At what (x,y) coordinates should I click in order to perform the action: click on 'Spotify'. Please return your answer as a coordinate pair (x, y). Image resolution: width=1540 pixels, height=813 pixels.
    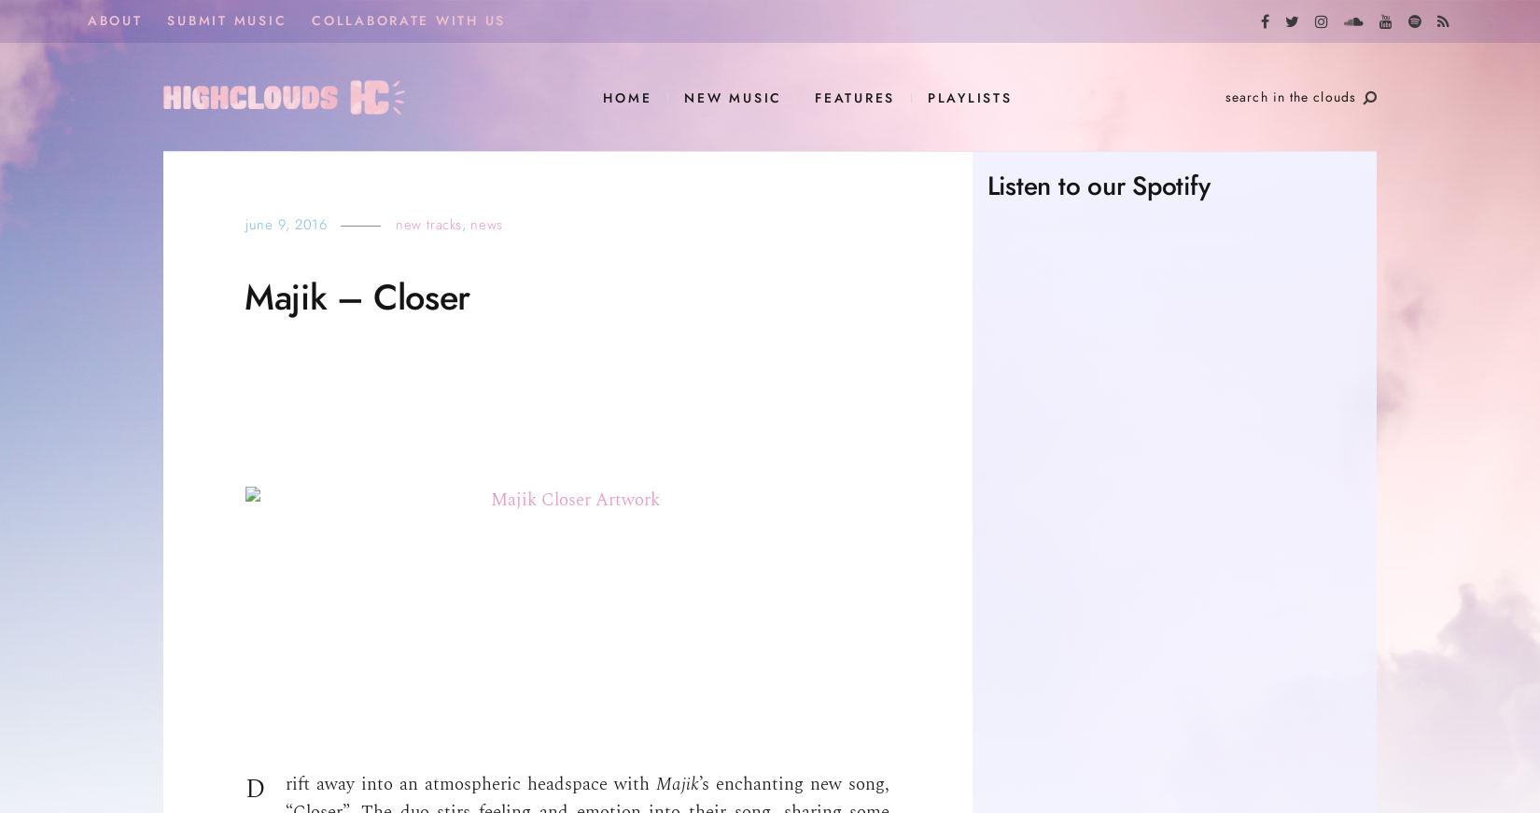
    Looking at the image, I should click on (1169, 186).